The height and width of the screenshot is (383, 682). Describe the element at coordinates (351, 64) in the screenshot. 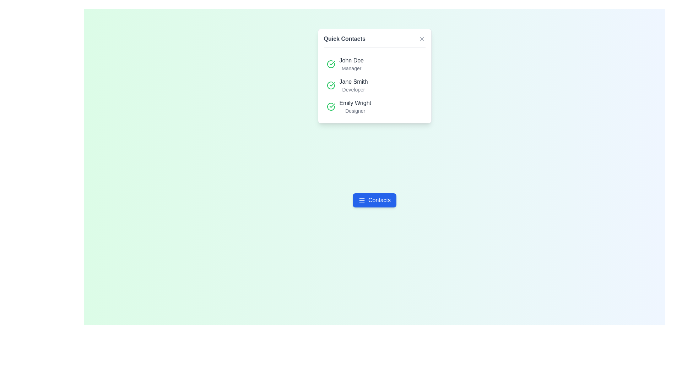

I see `the text display element containing 'John Doe' and 'Manager' in the 'Quick Contacts' card, which is the first entry in the contact list` at that location.